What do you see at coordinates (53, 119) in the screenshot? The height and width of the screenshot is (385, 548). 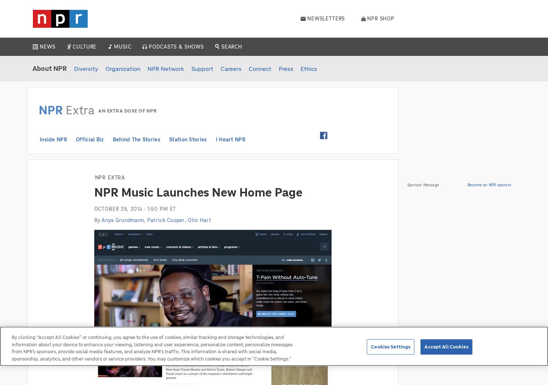 I see `'Climate'` at bounding box center [53, 119].